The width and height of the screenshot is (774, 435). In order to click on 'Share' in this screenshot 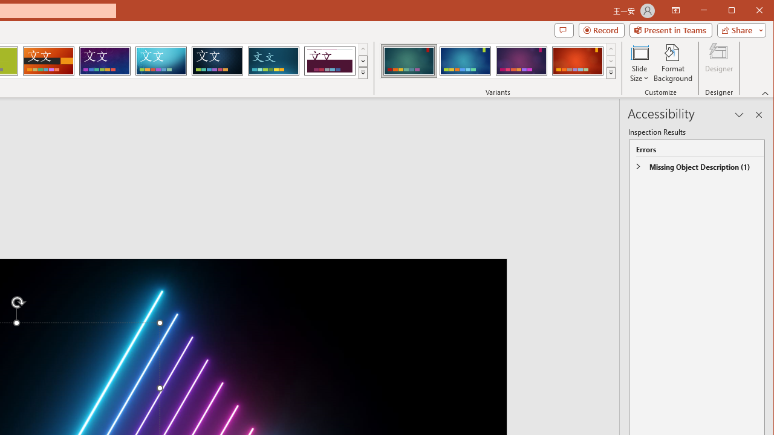, I will do `click(738, 30)`.